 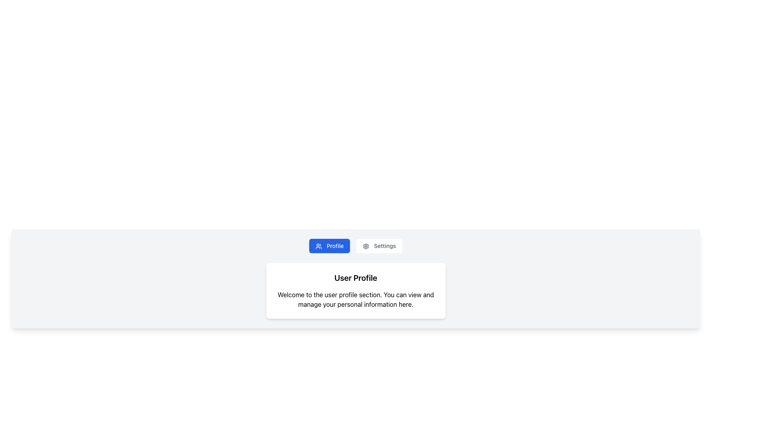 What do you see at coordinates (366, 246) in the screenshot?
I see `the settings icon located to the left of the 'Settings' button in the navigation bar` at bounding box center [366, 246].